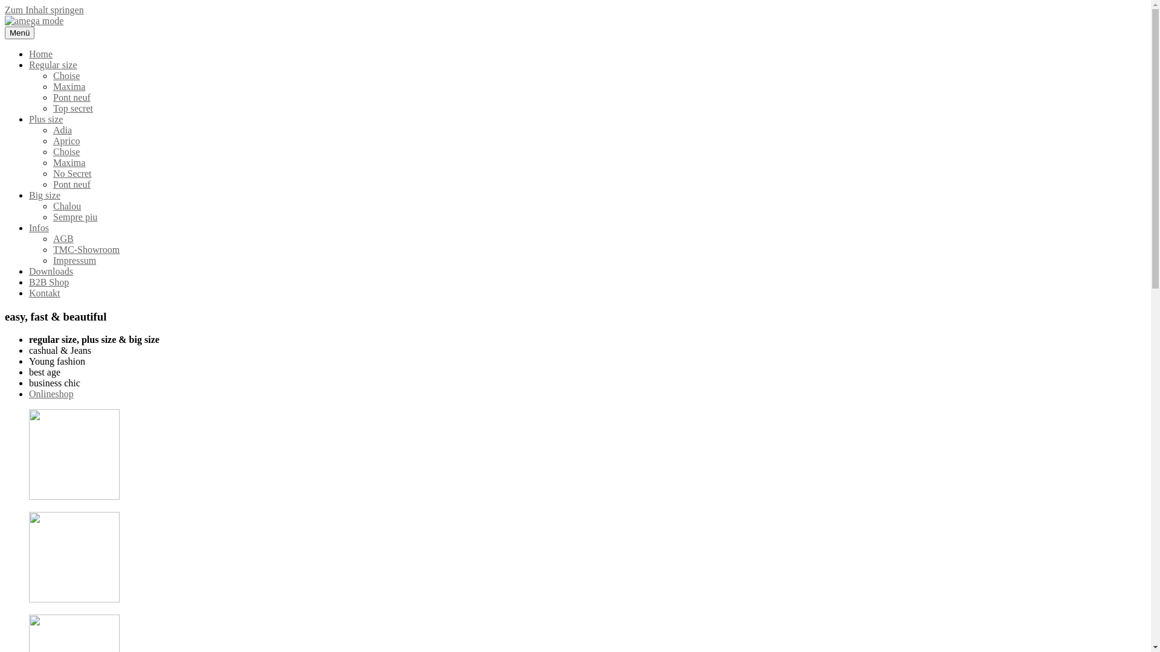 This screenshot has height=652, width=1160. I want to click on 'Pont neuf', so click(71, 184).